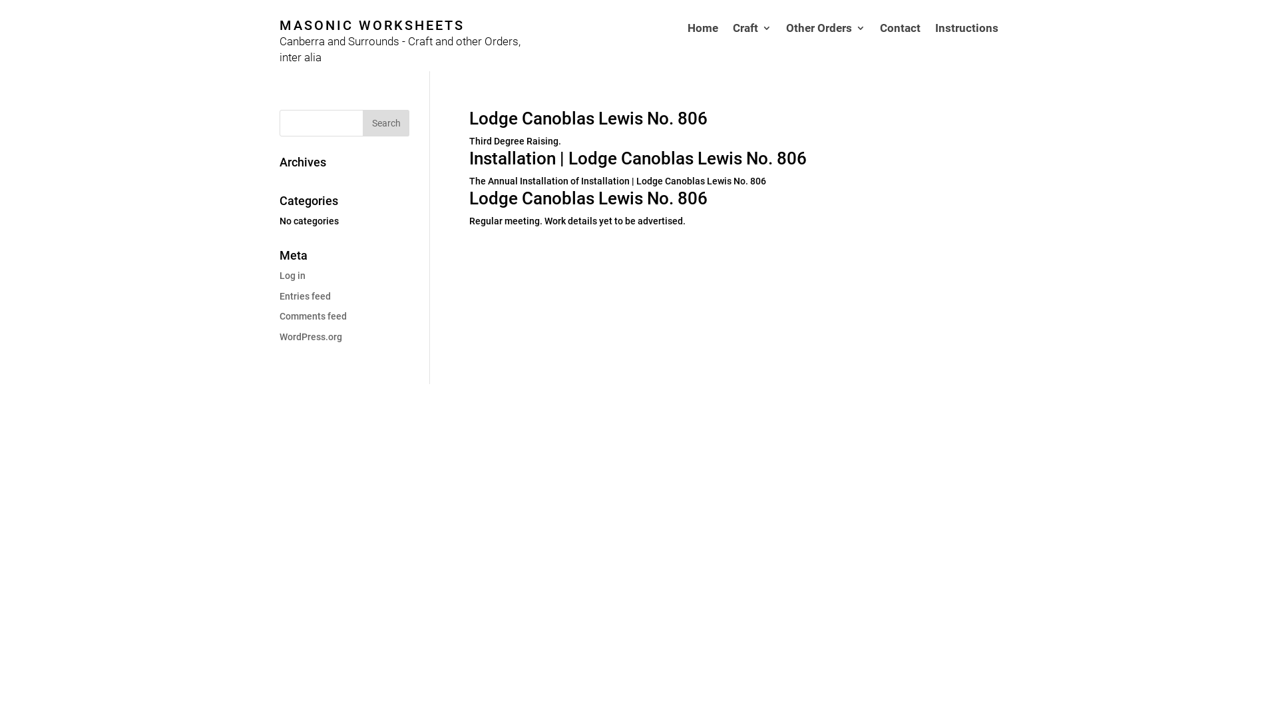  I want to click on 'Comments feed', so click(312, 316).